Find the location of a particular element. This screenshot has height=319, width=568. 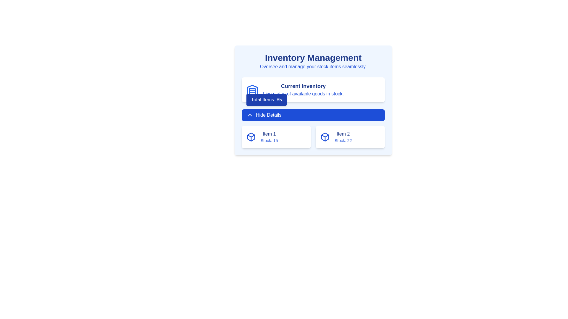

the Text Label displaying the name or identifier of the item within the inventory management interface, located in the card labeled 'Item 2' with 'Stock: 22' is located at coordinates (343, 134).